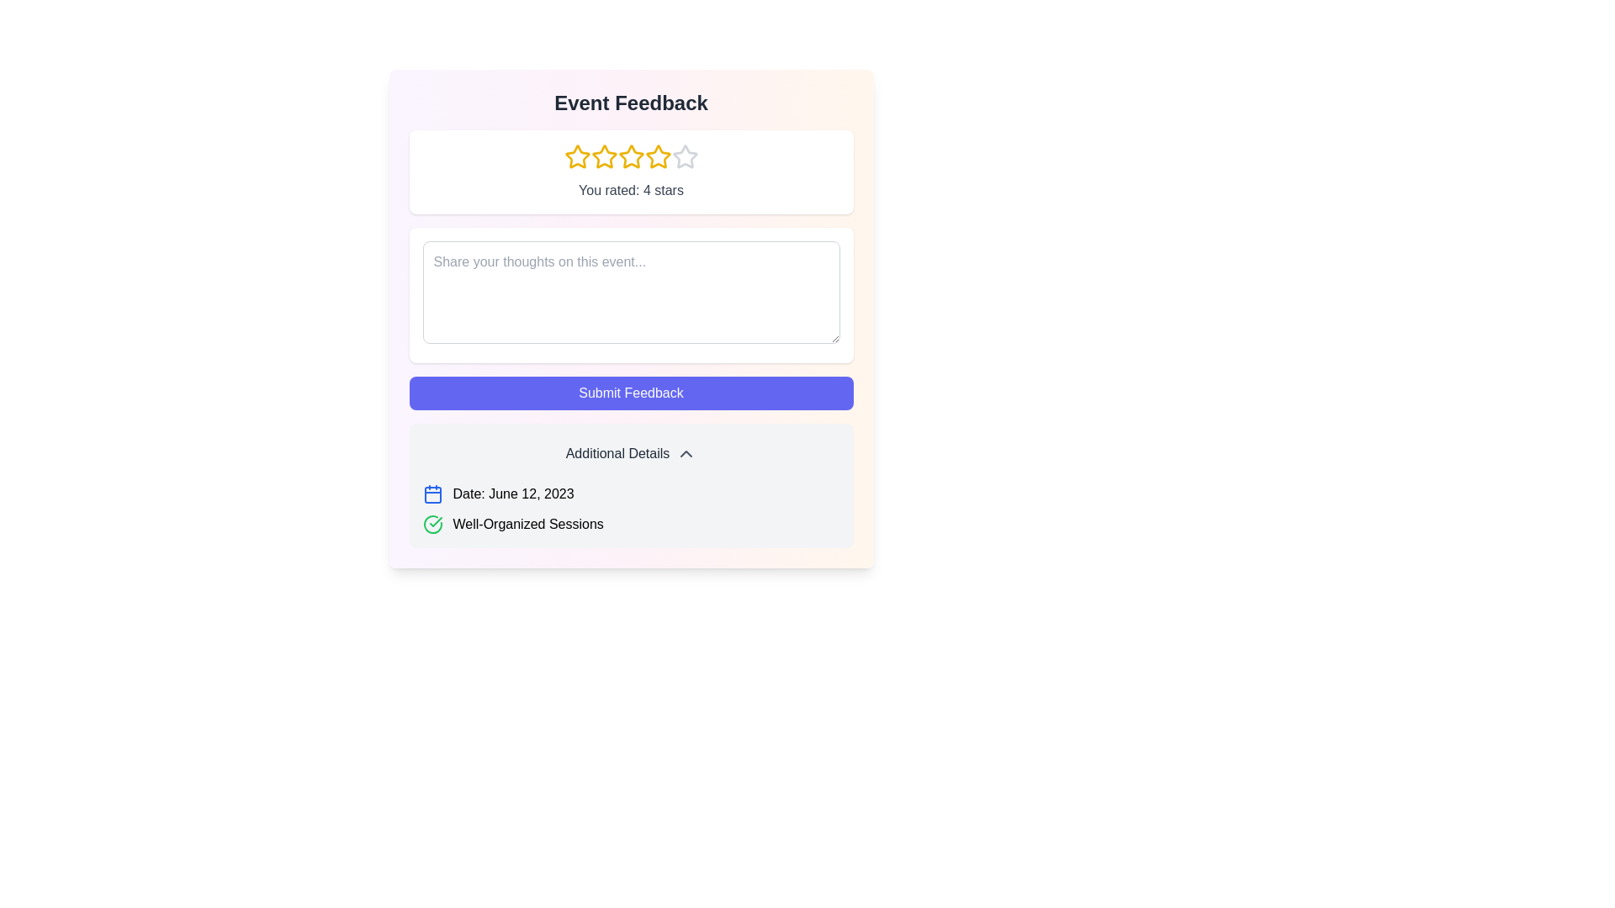 This screenshot has width=1615, height=908. I want to click on the second yellow outlined star icon with a hollow center in the rating system, so click(604, 156).